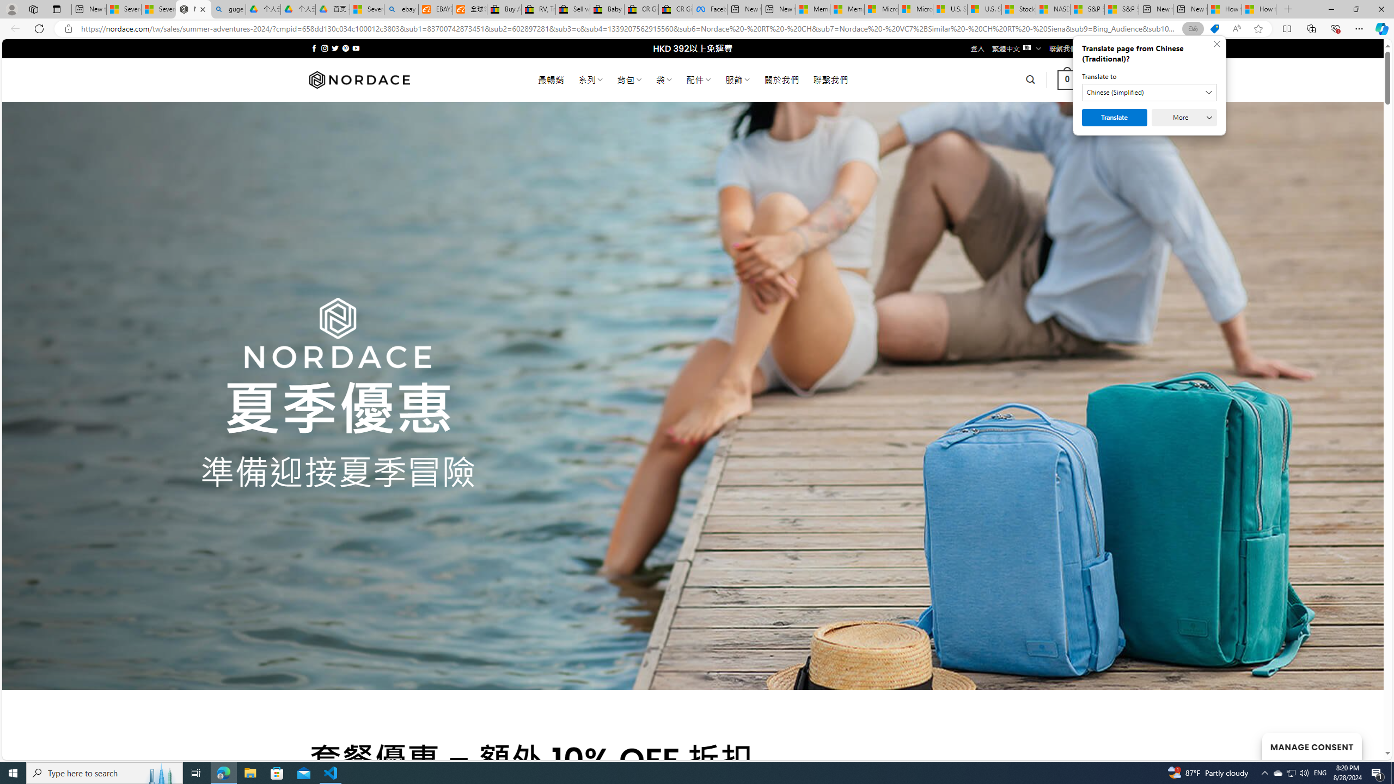 This screenshot has width=1394, height=784. I want to click on 'Show translate options', so click(1193, 29).